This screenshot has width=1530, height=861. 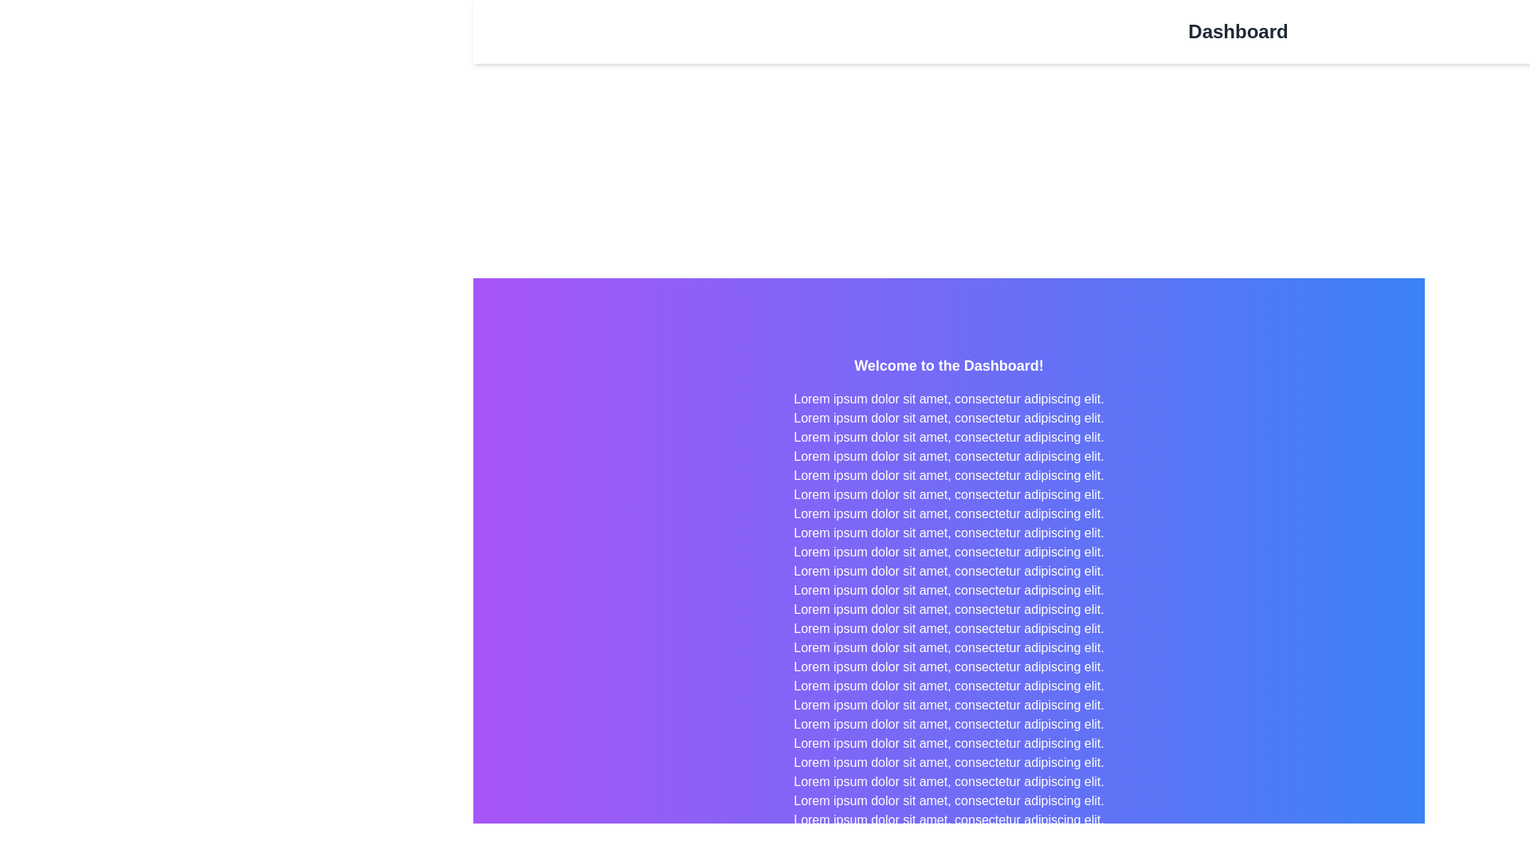 I want to click on the text label that reads 'Lorem ipsum dolor sit amet, consectetur adipiscing elit.' which is styled in white against a gradient background, located beneath the header 'Welcome to the Dashboard!', so click(x=948, y=399).